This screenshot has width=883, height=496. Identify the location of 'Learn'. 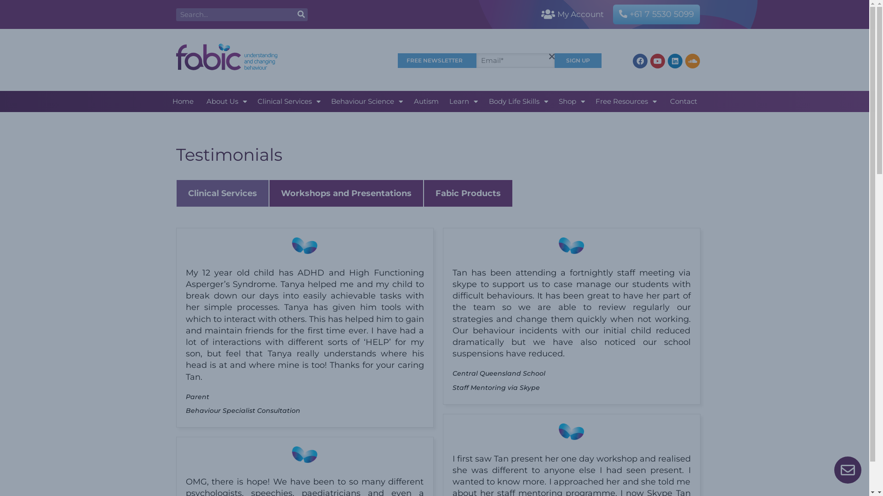
(464, 101).